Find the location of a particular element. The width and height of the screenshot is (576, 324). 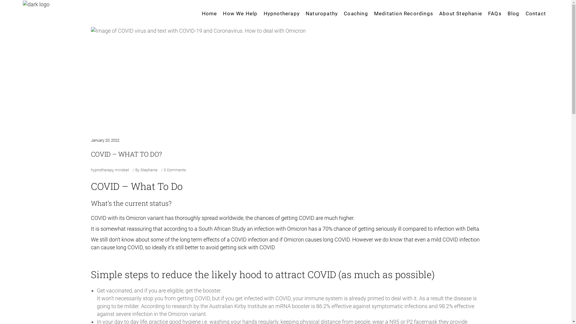

'Stephanie' is located at coordinates (149, 170).